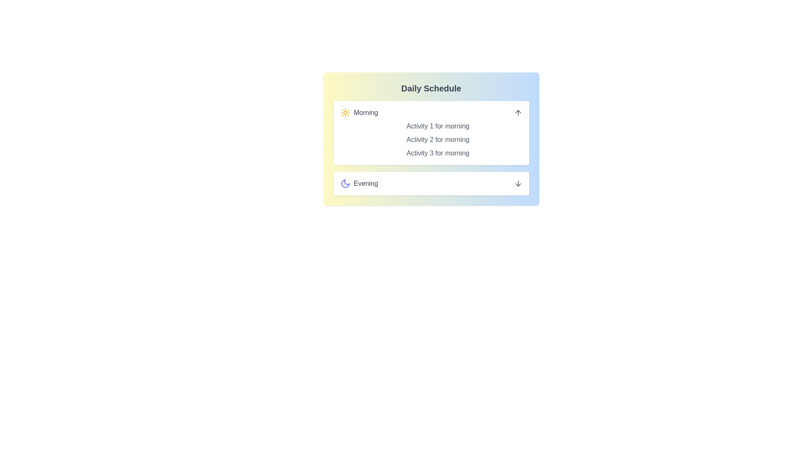  Describe the element at coordinates (438, 139) in the screenshot. I see `the activity item labeled 'Activity 2 for morning' in the expanded schedule` at that location.